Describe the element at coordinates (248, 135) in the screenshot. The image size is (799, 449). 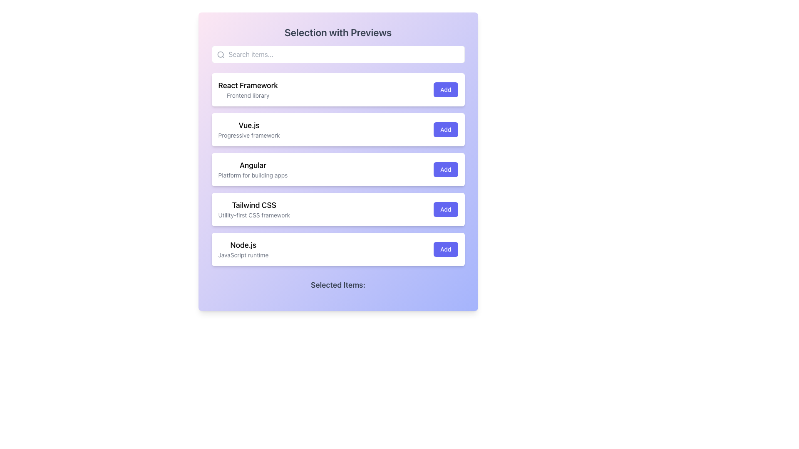
I see `the static text label displaying 'Progressive framework', which is located directly below the bold title 'Vue.js' in light gray font` at that location.